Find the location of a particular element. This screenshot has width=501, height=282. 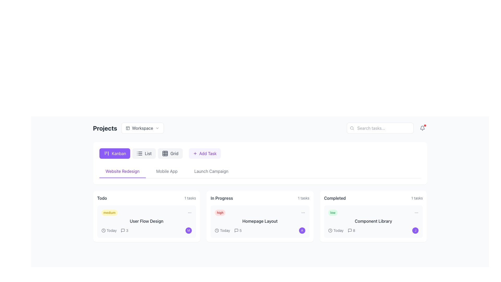

the 'Workspace' dropdown menu trigger is located at coordinates (128, 128).